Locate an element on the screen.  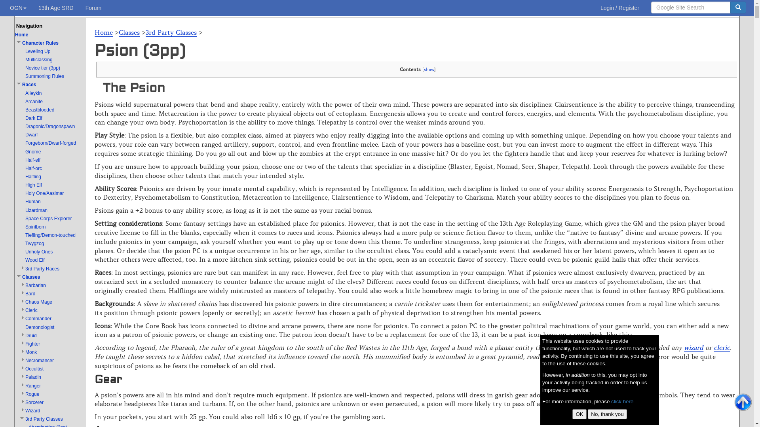
'Ranger' is located at coordinates (25, 385).